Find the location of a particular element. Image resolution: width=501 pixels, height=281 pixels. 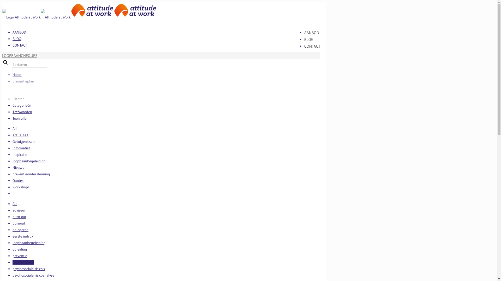

'BLOG' is located at coordinates (309, 39).